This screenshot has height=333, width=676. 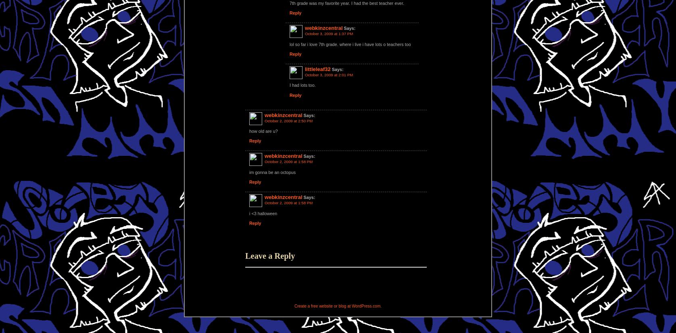 What do you see at coordinates (263, 130) in the screenshot?
I see `'how old are u?'` at bounding box center [263, 130].